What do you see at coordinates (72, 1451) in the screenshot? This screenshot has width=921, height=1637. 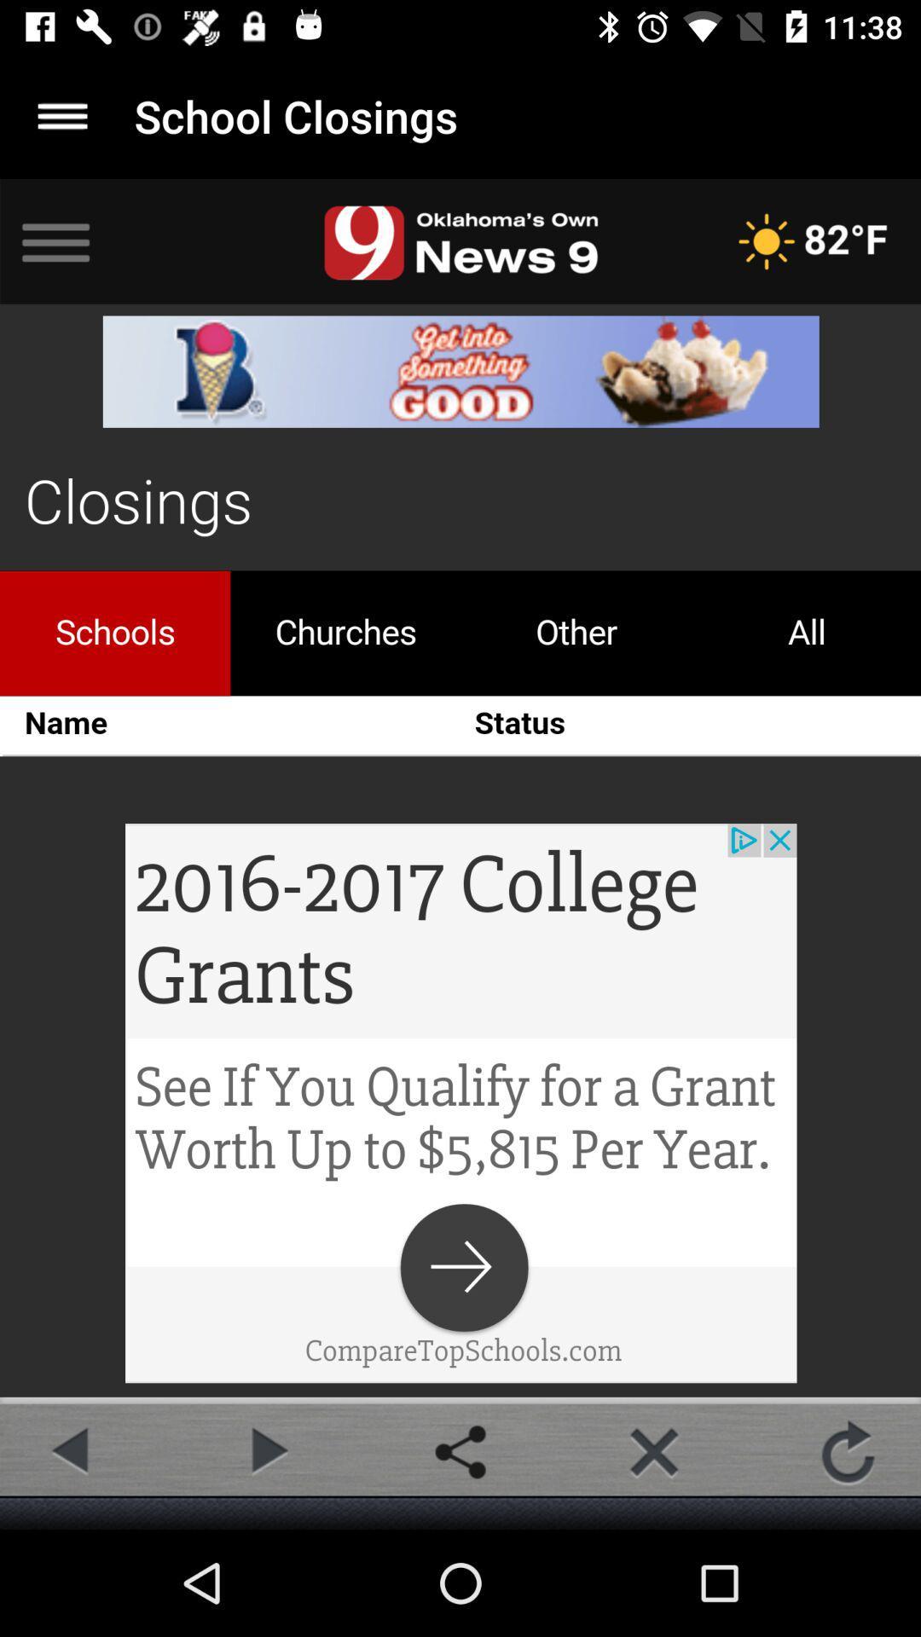 I see `go previous` at bounding box center [72, 1451].